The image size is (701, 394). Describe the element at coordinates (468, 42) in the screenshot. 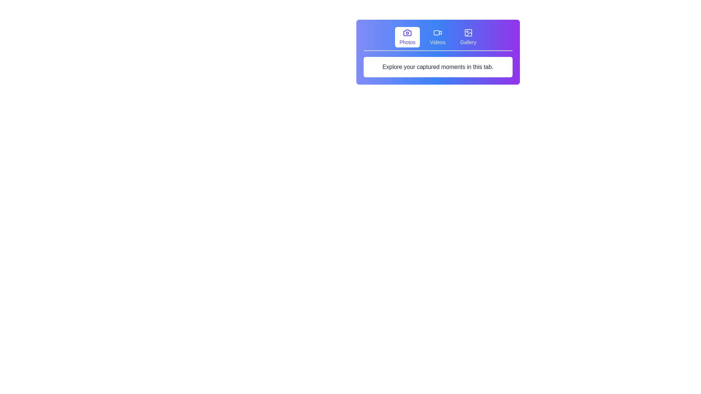

I see `text label displayed as 'Gallery' located under the Gallery icon in the top right navigational bar` at that location.